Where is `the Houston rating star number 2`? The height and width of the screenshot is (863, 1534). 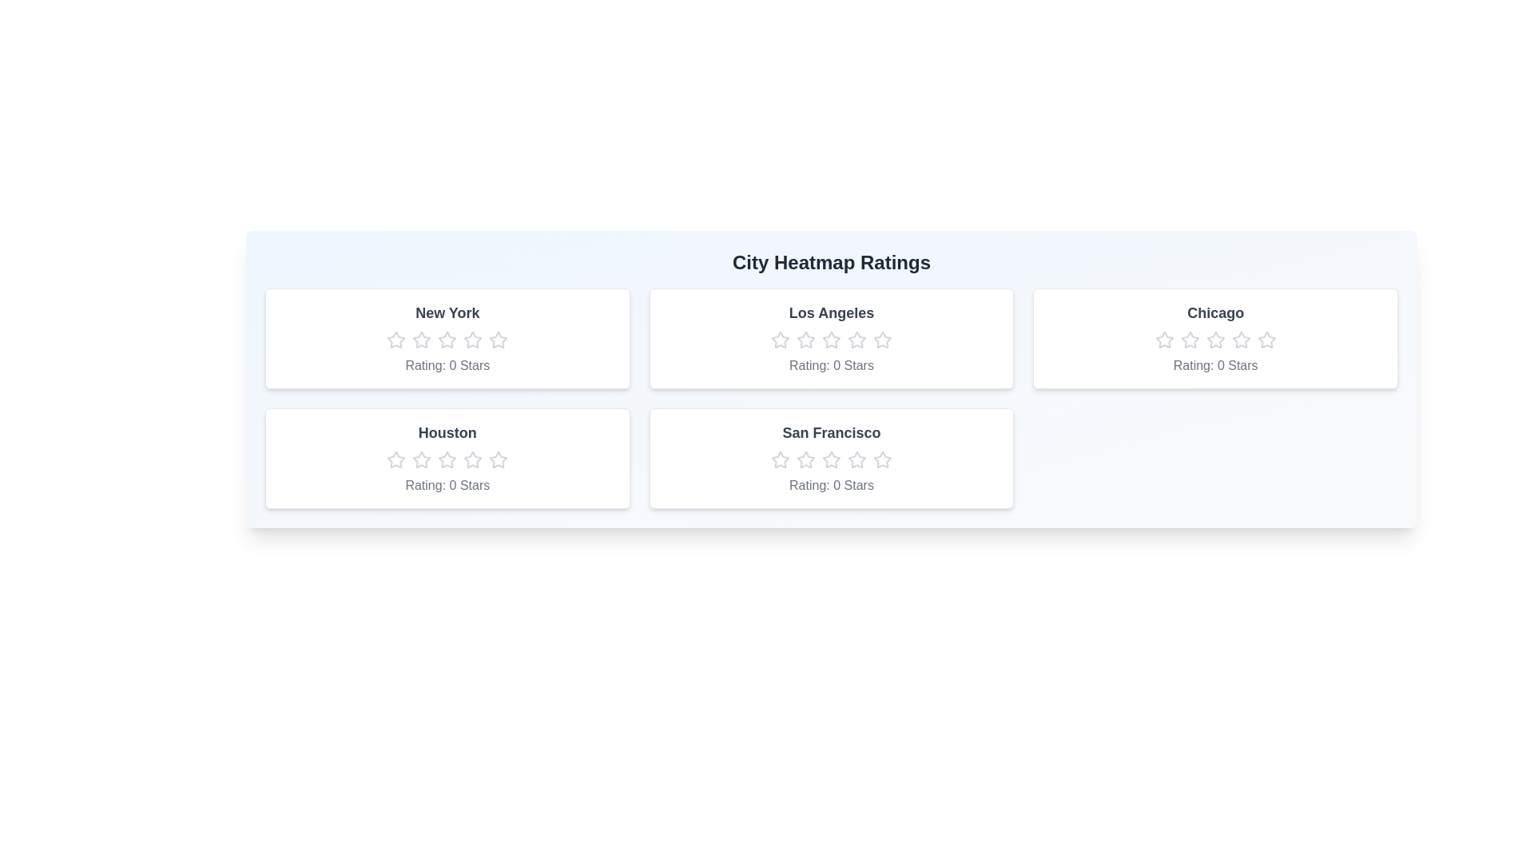 the Houston rating star number 2 is located at coordinates (422, 459).